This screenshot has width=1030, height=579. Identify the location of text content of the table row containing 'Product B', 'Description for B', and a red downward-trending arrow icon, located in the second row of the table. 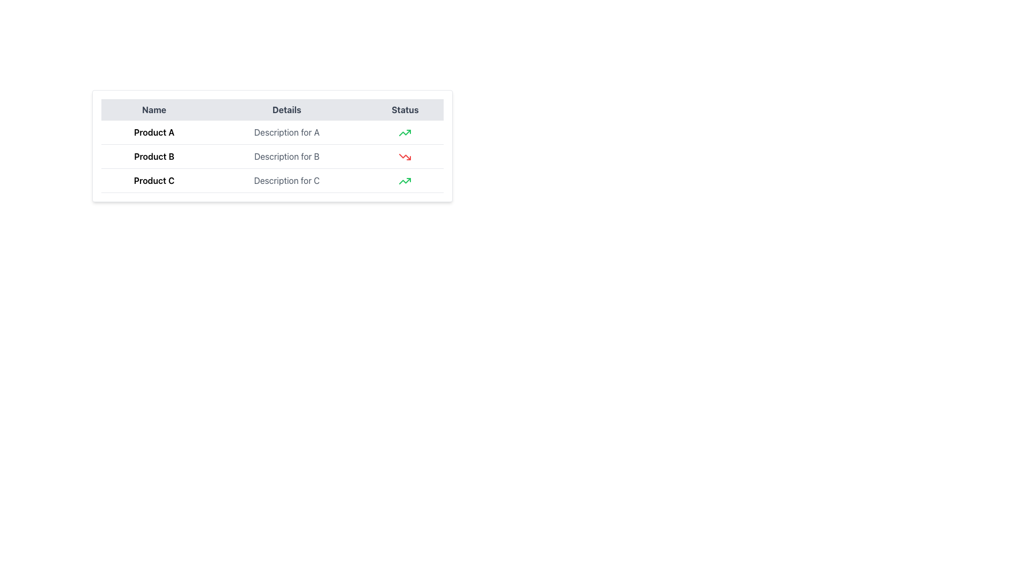
(273, 157).